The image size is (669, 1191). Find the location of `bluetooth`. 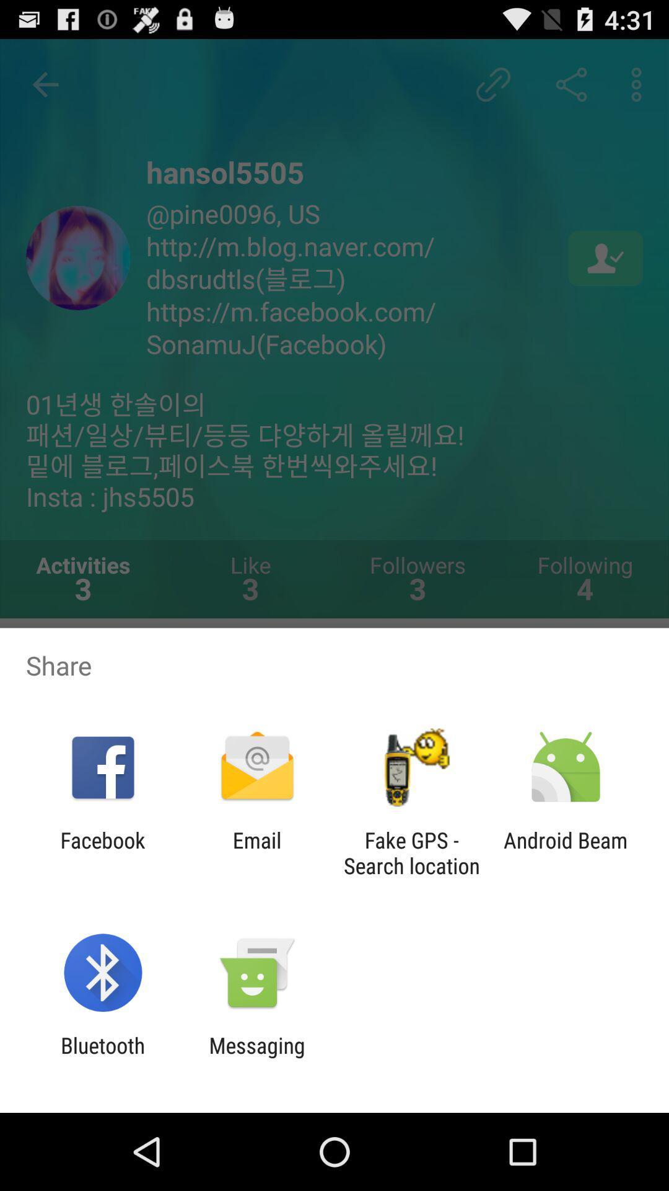

bluetooth is located at coordinates (102, 1058).